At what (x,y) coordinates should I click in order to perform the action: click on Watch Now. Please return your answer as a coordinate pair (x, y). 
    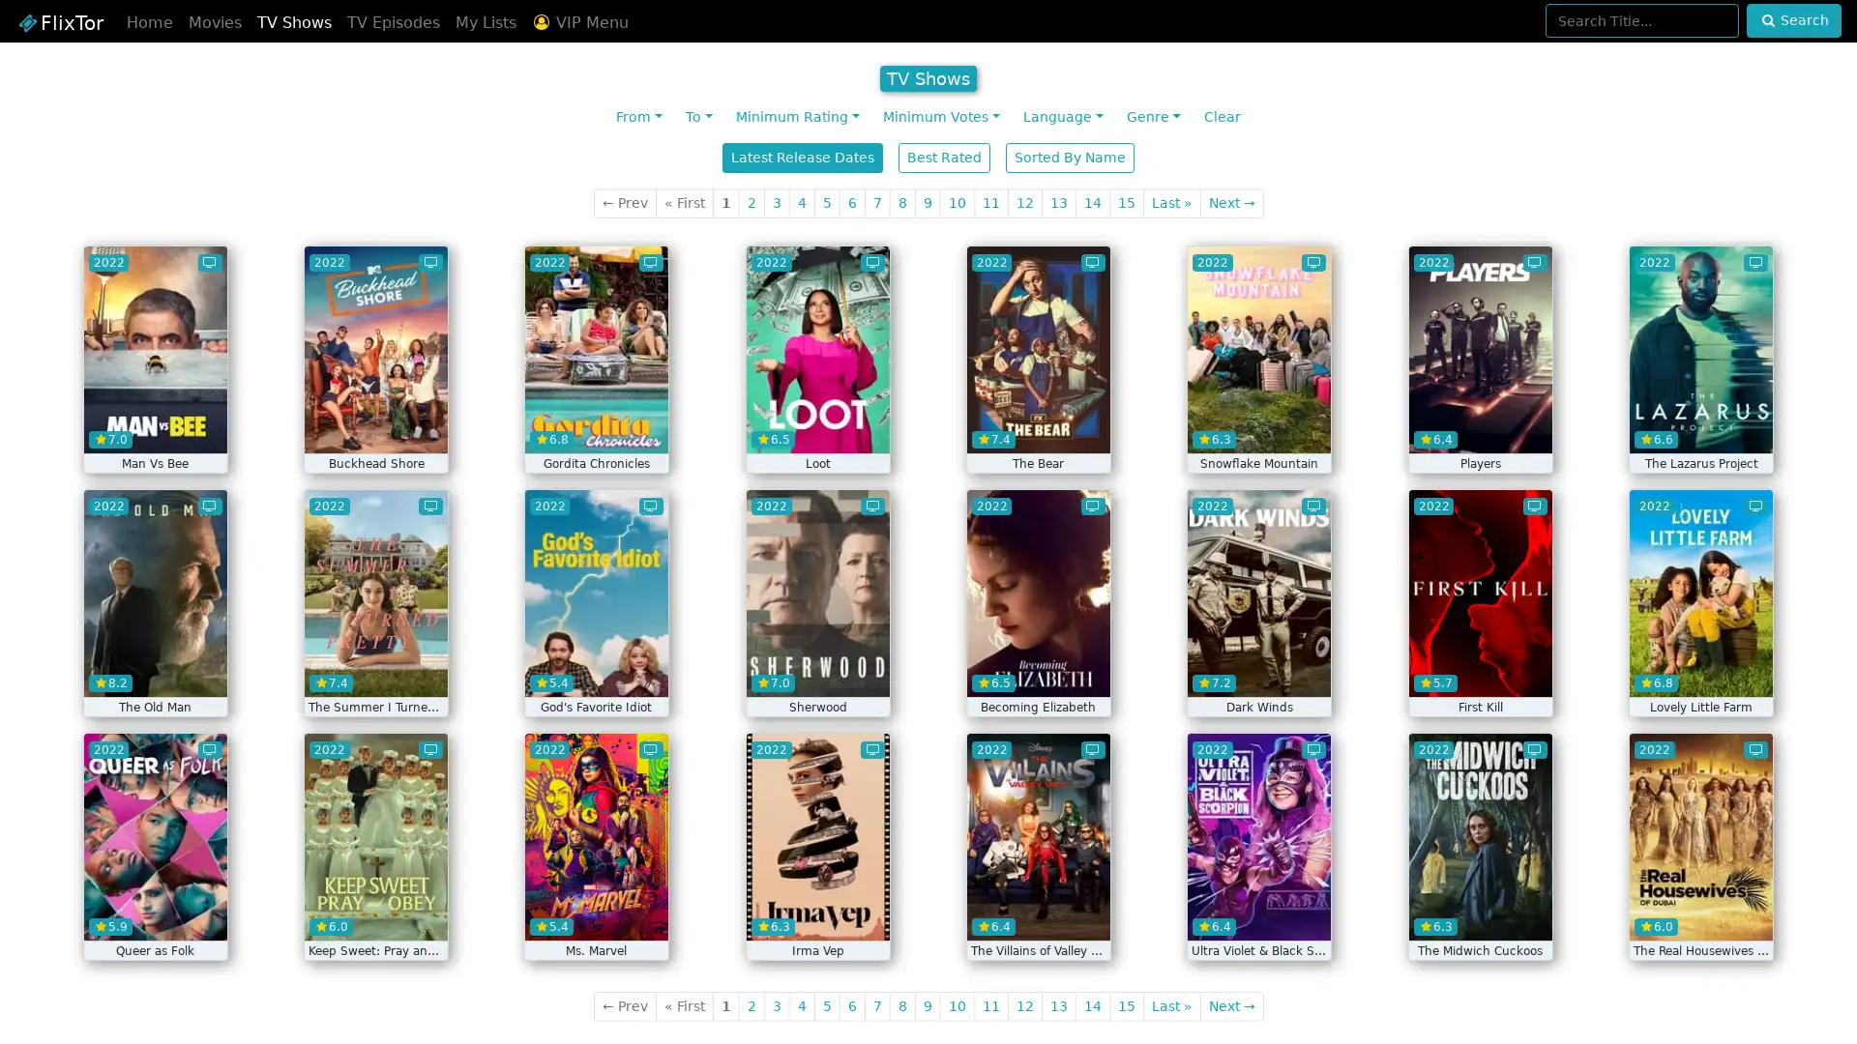
    Looking at the image, I should click on (1258, 423).